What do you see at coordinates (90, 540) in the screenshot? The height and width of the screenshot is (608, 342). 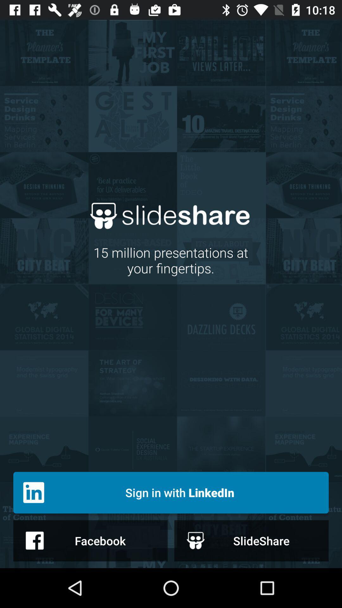 I see `the facebook icon` at bounding box center [90, 540].